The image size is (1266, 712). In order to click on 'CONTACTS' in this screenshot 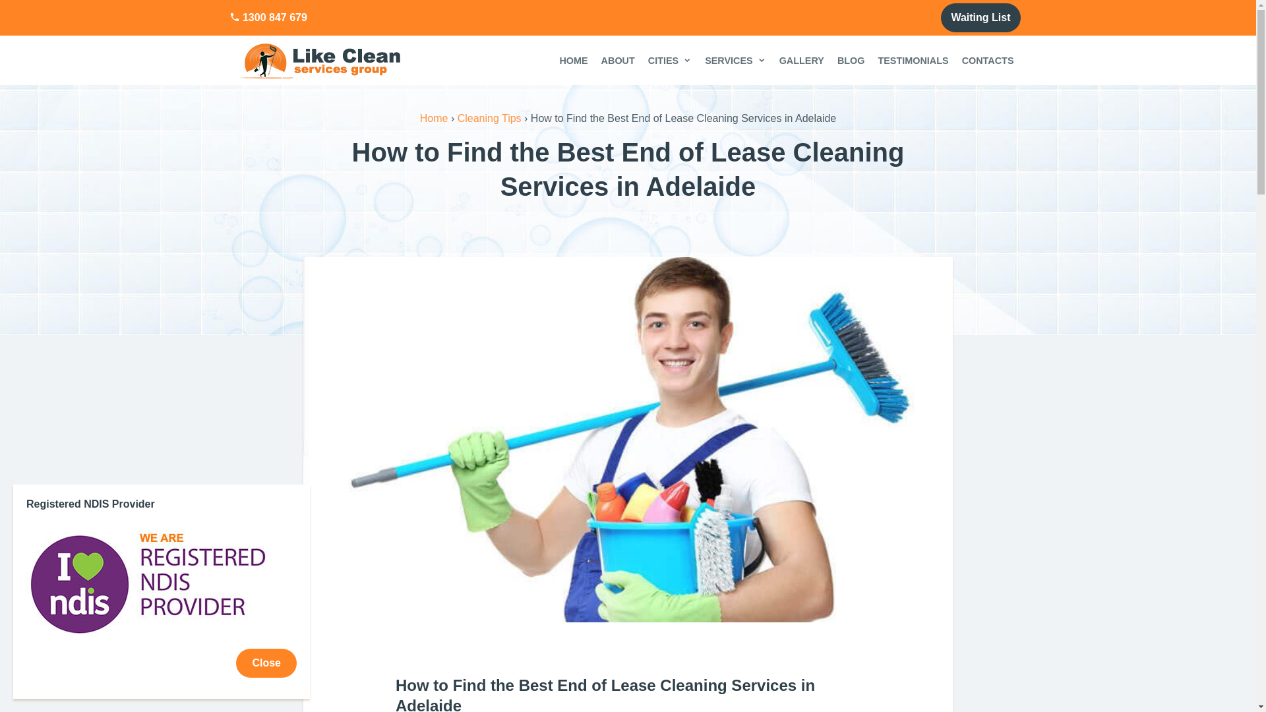, I will do `click(955, 60)`.